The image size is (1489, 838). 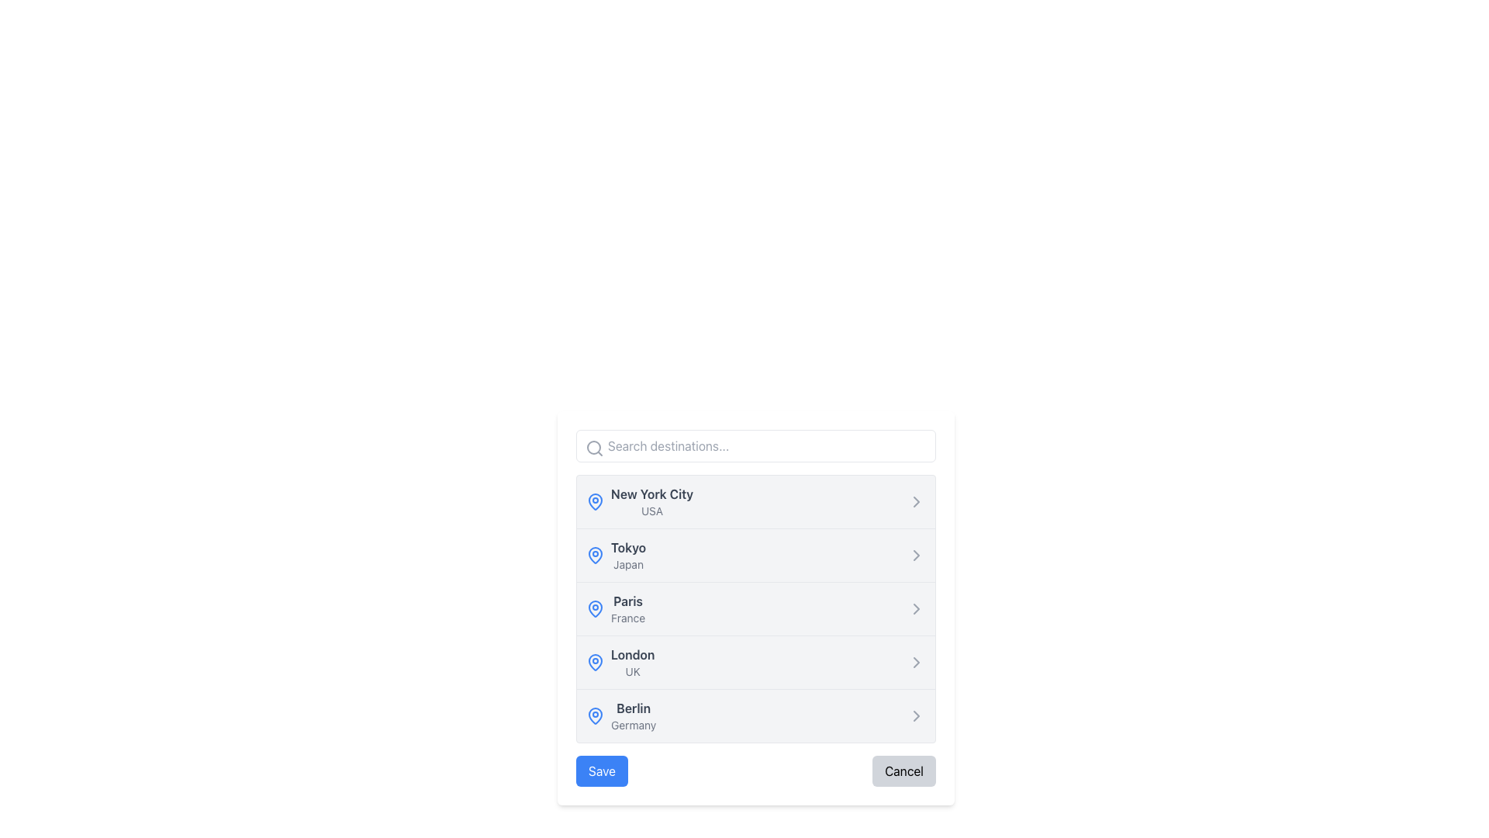 I want to click on the text label that displays 'London', which is styled in gray and bold font, positioned as the fourth entry in a vertical list of city names within a popup dialog, so click(x=633, y=655).